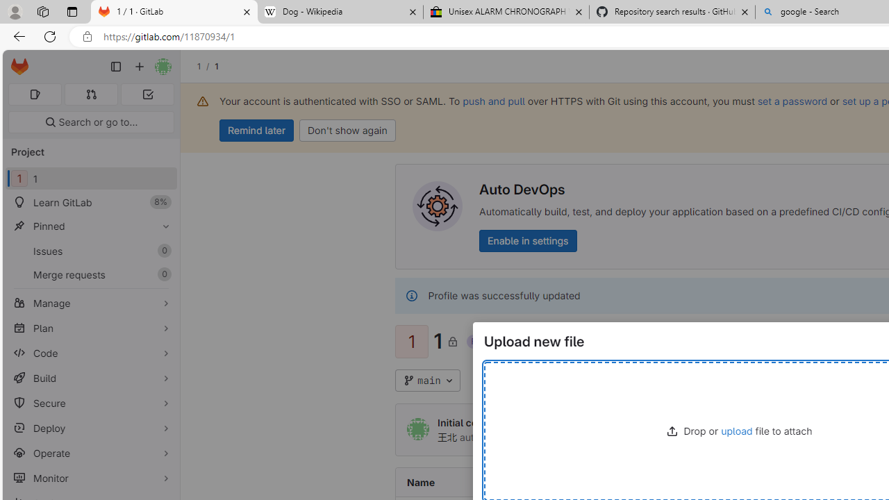 Image resolution: width=889 pixels, height=500 pixels. What do you see at coordinates (90, 225) in the screenshot?
I see `'Pinned'` at bounding box center [90, 225].